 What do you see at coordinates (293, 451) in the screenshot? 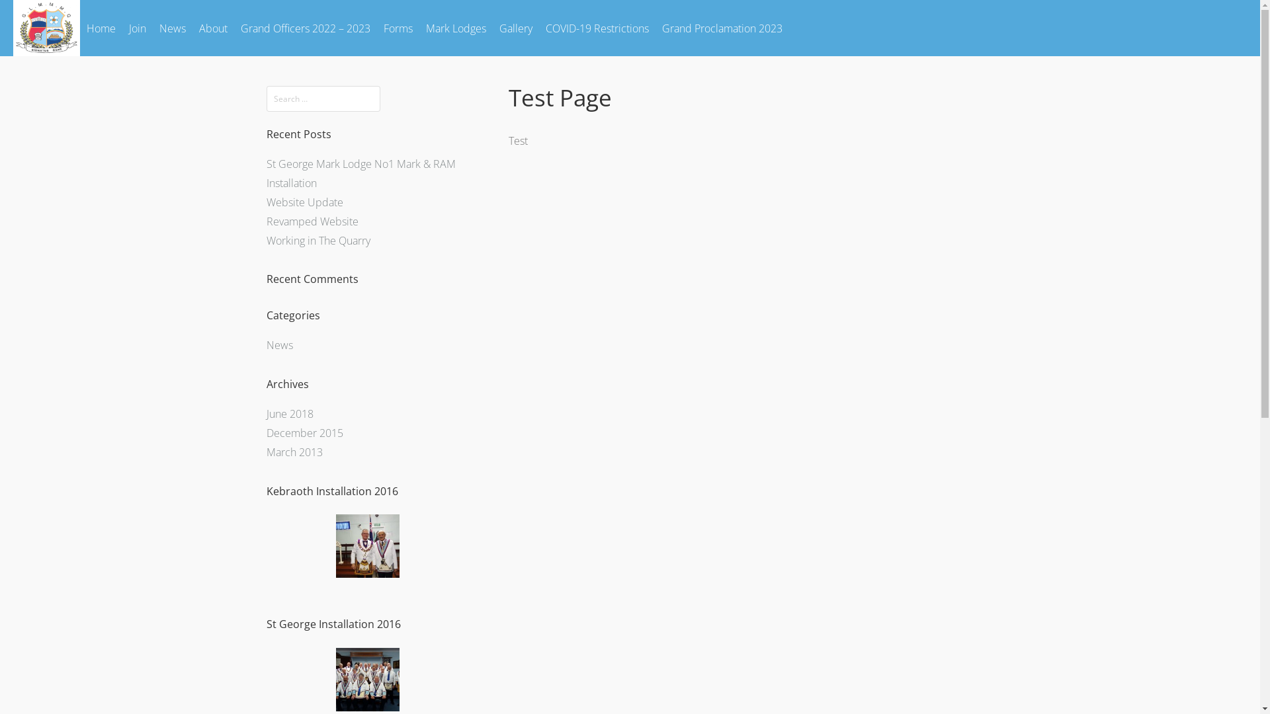
I see `'March 2013'` at bounding box center [293, 451].